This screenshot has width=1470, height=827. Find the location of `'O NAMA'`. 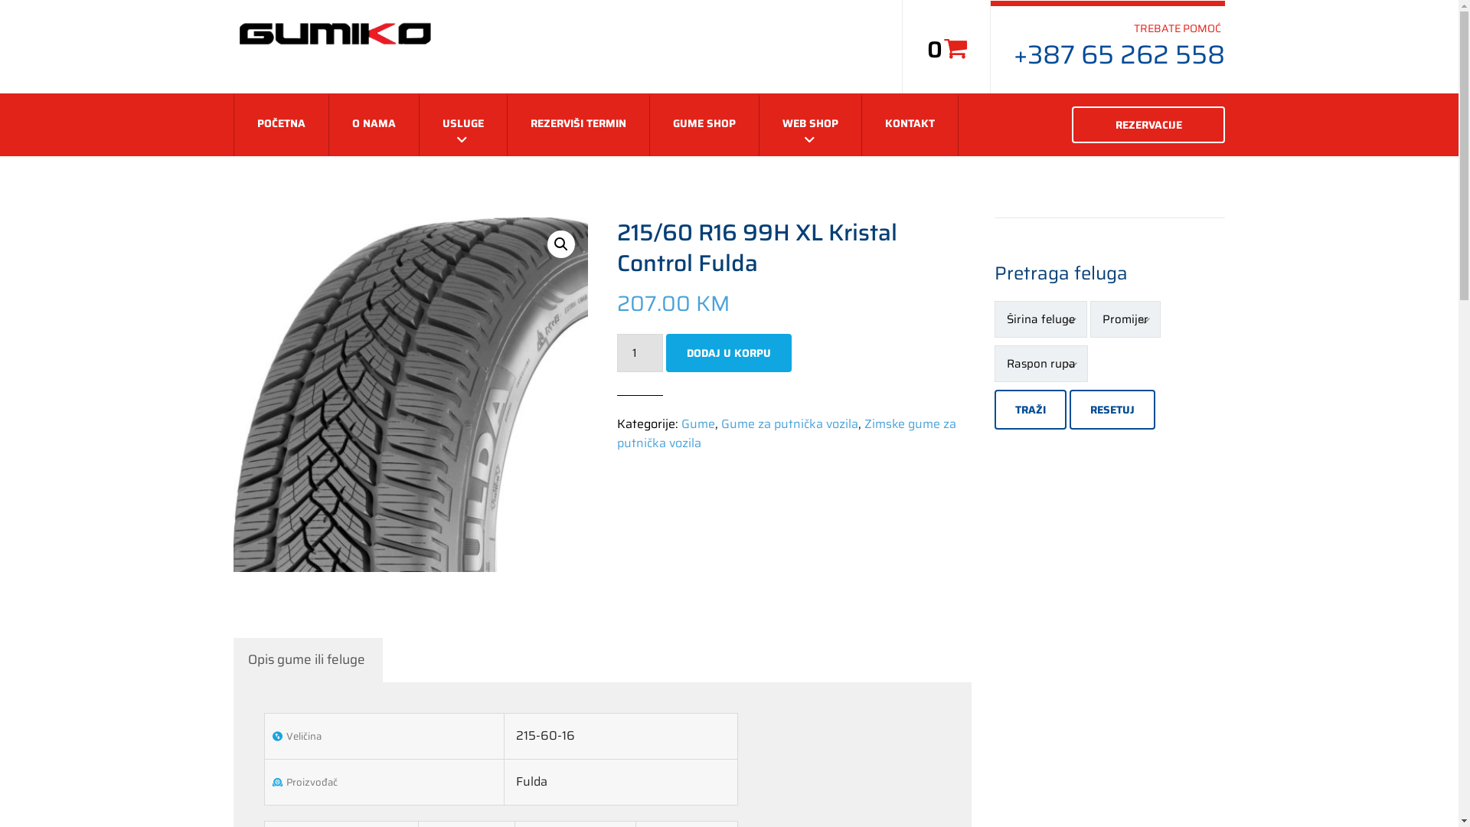

'O NAMA' is located at coordinates (374, 123).